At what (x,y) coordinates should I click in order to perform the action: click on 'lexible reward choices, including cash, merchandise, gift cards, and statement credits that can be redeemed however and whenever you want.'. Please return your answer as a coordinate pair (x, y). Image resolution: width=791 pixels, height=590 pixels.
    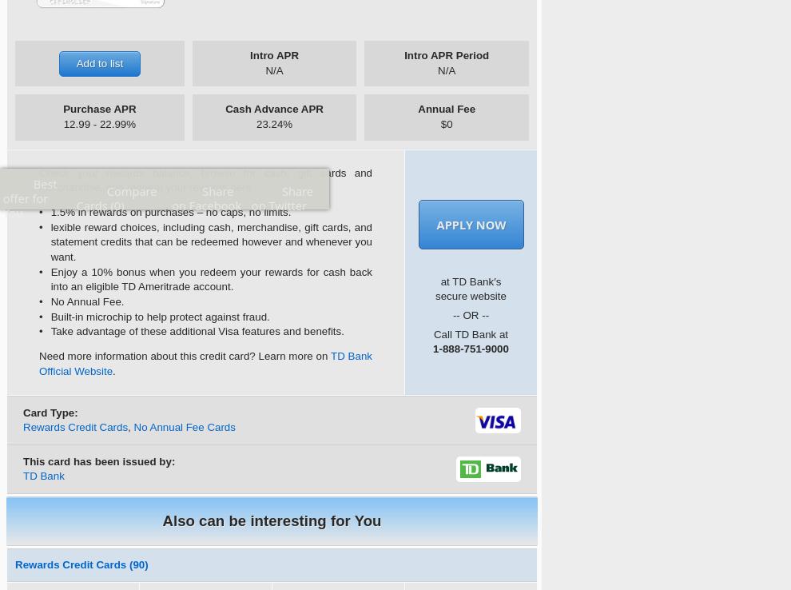
    Looking at the image, I should click on (211, 240).